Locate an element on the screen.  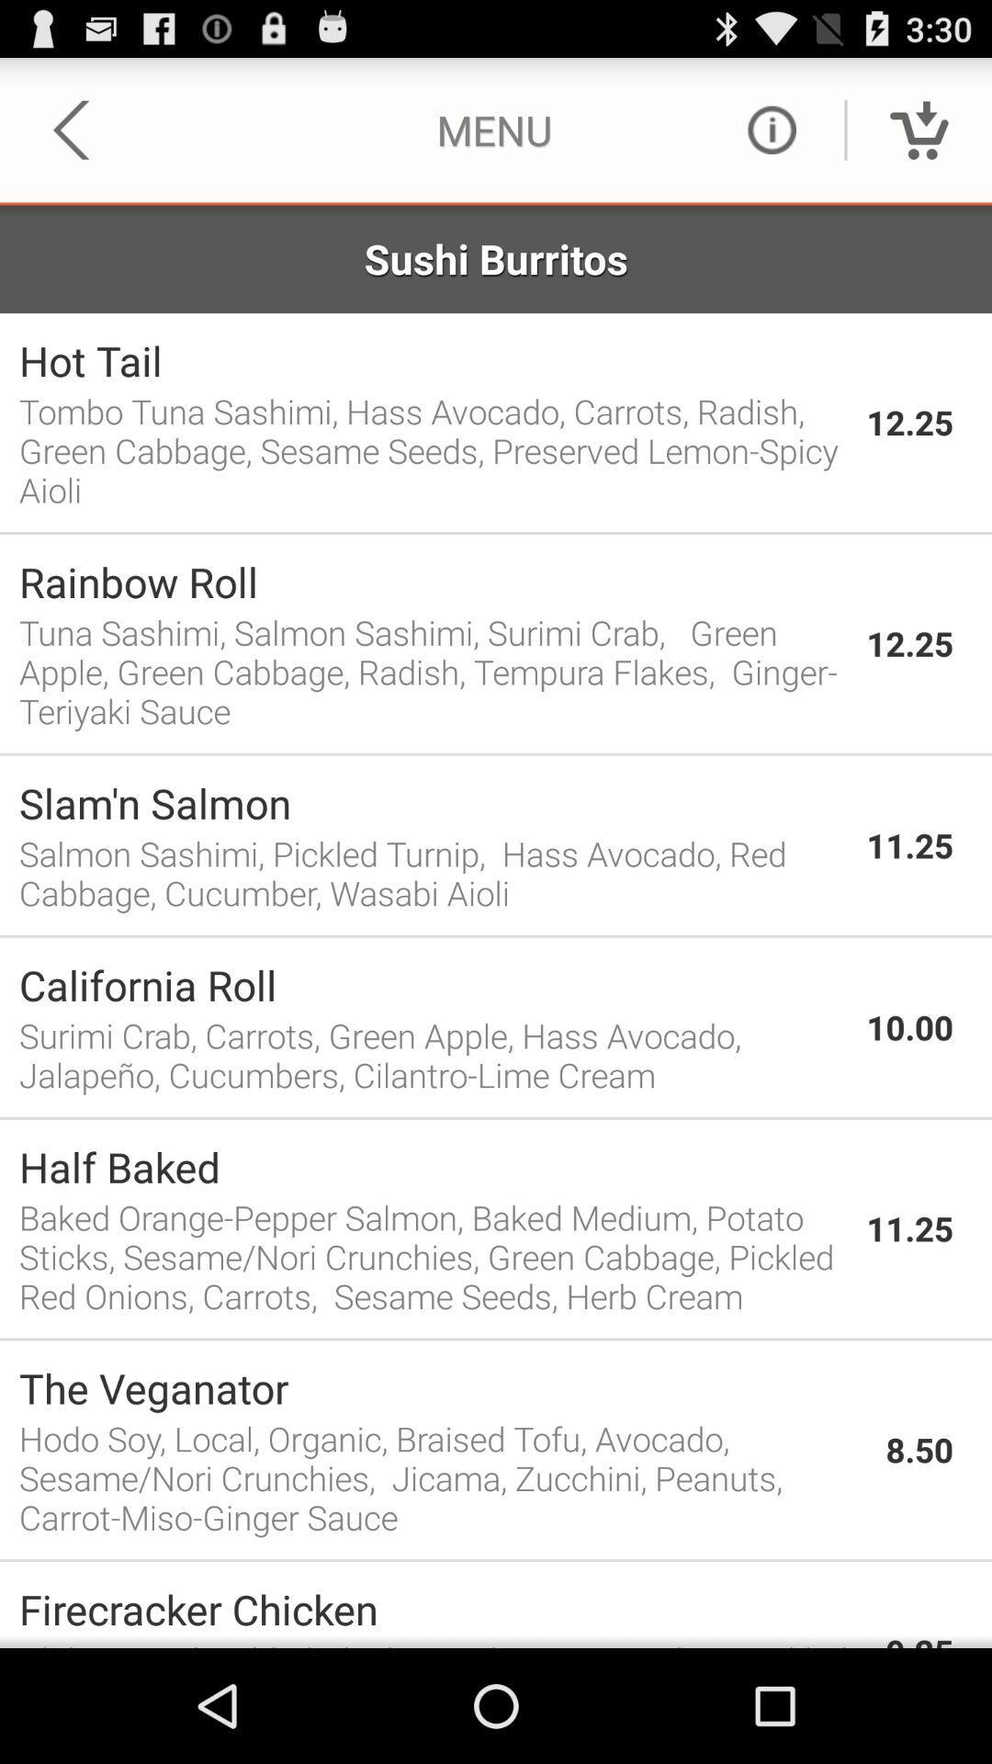
item below tuna sashimi salmon item is located at coordinates (496, 754).